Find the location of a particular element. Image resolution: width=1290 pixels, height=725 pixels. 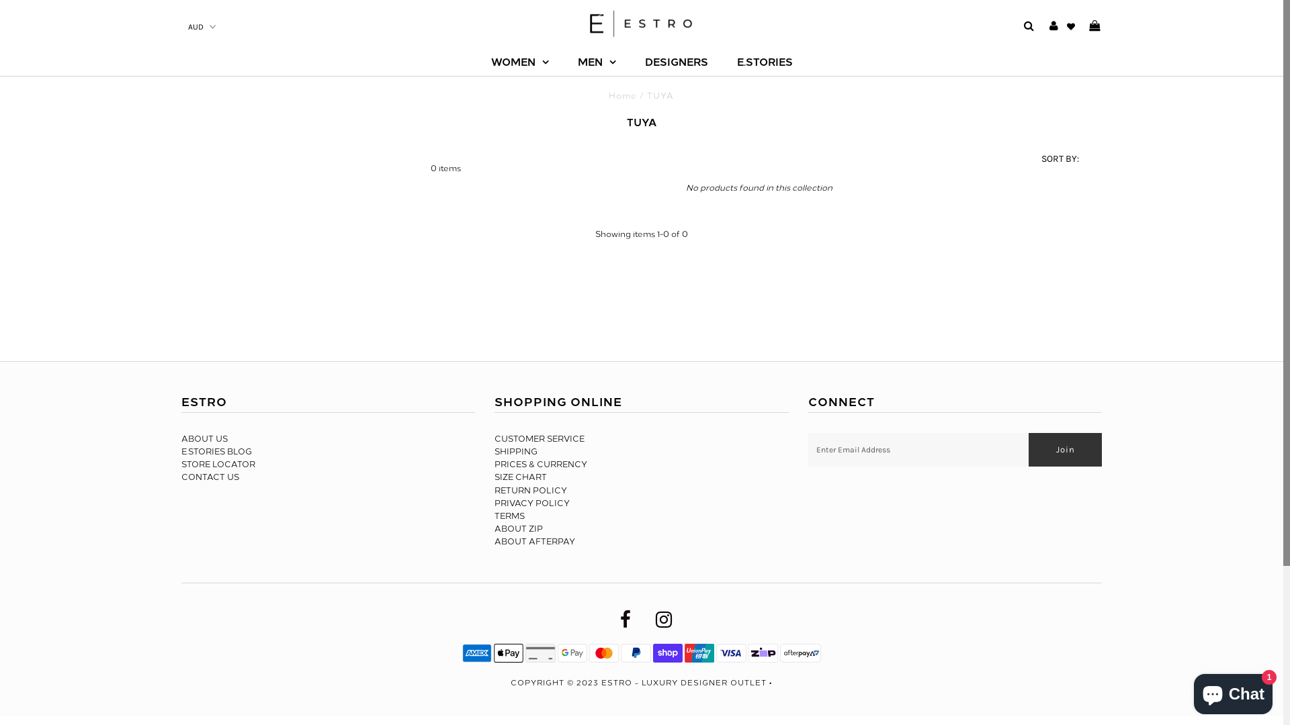

'ABOUT ZIP' is located at coordinates (493, 528).